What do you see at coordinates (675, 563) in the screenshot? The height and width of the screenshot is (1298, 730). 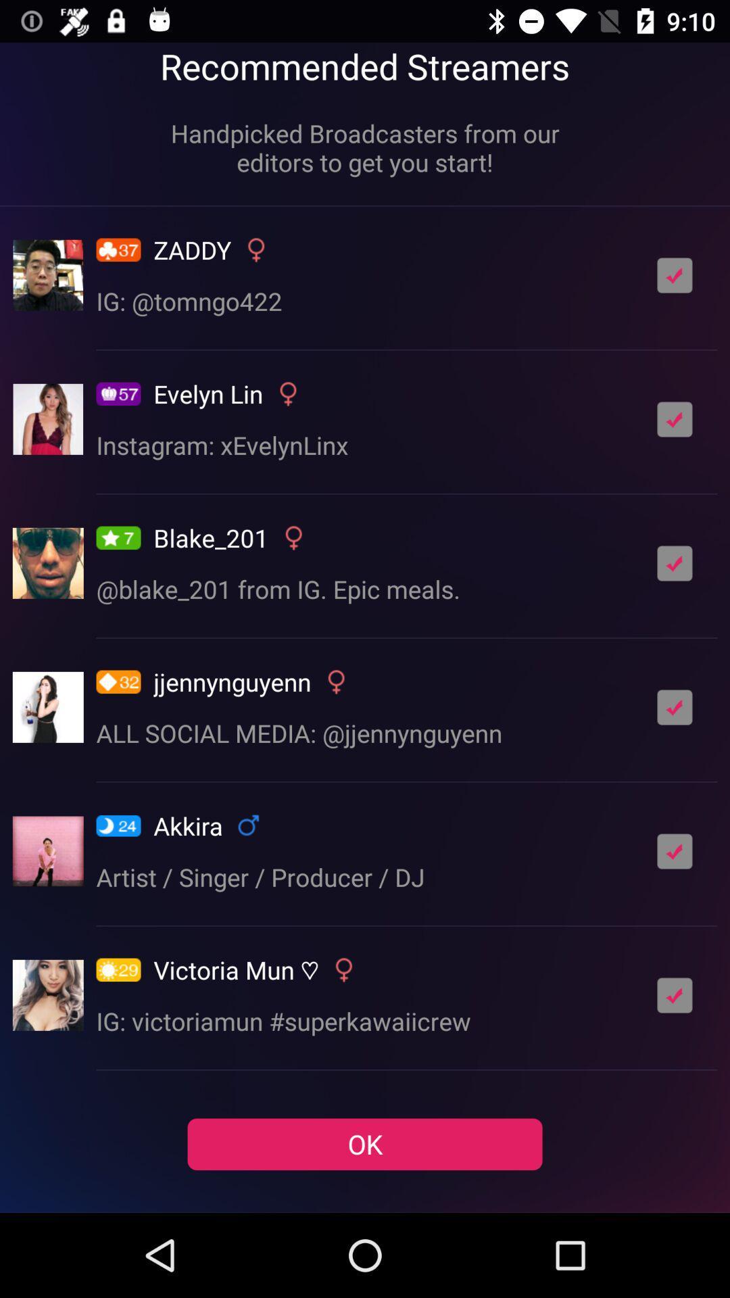 I see `streamer` at bounding box center [675, 563].